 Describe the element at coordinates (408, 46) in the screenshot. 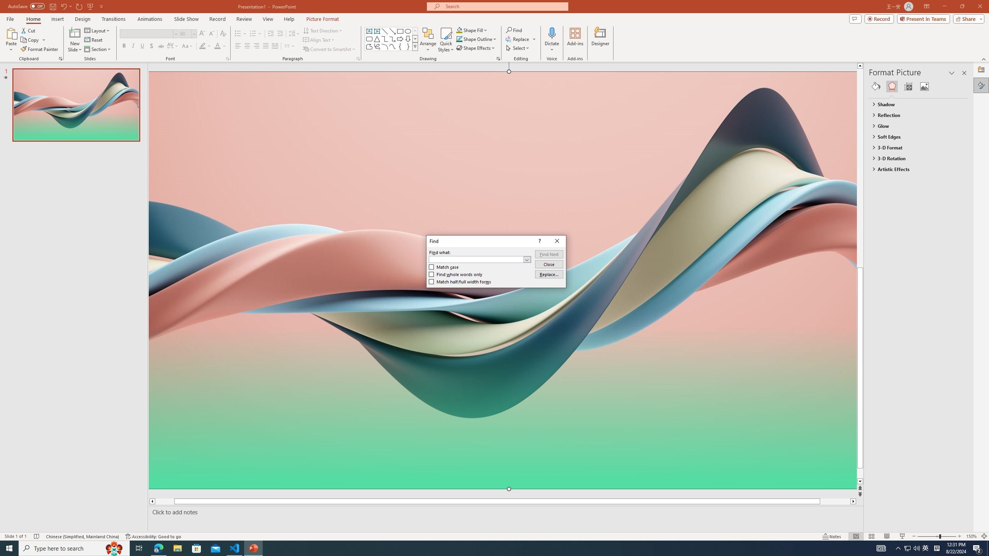

I see `'Right Brace'` at that location.